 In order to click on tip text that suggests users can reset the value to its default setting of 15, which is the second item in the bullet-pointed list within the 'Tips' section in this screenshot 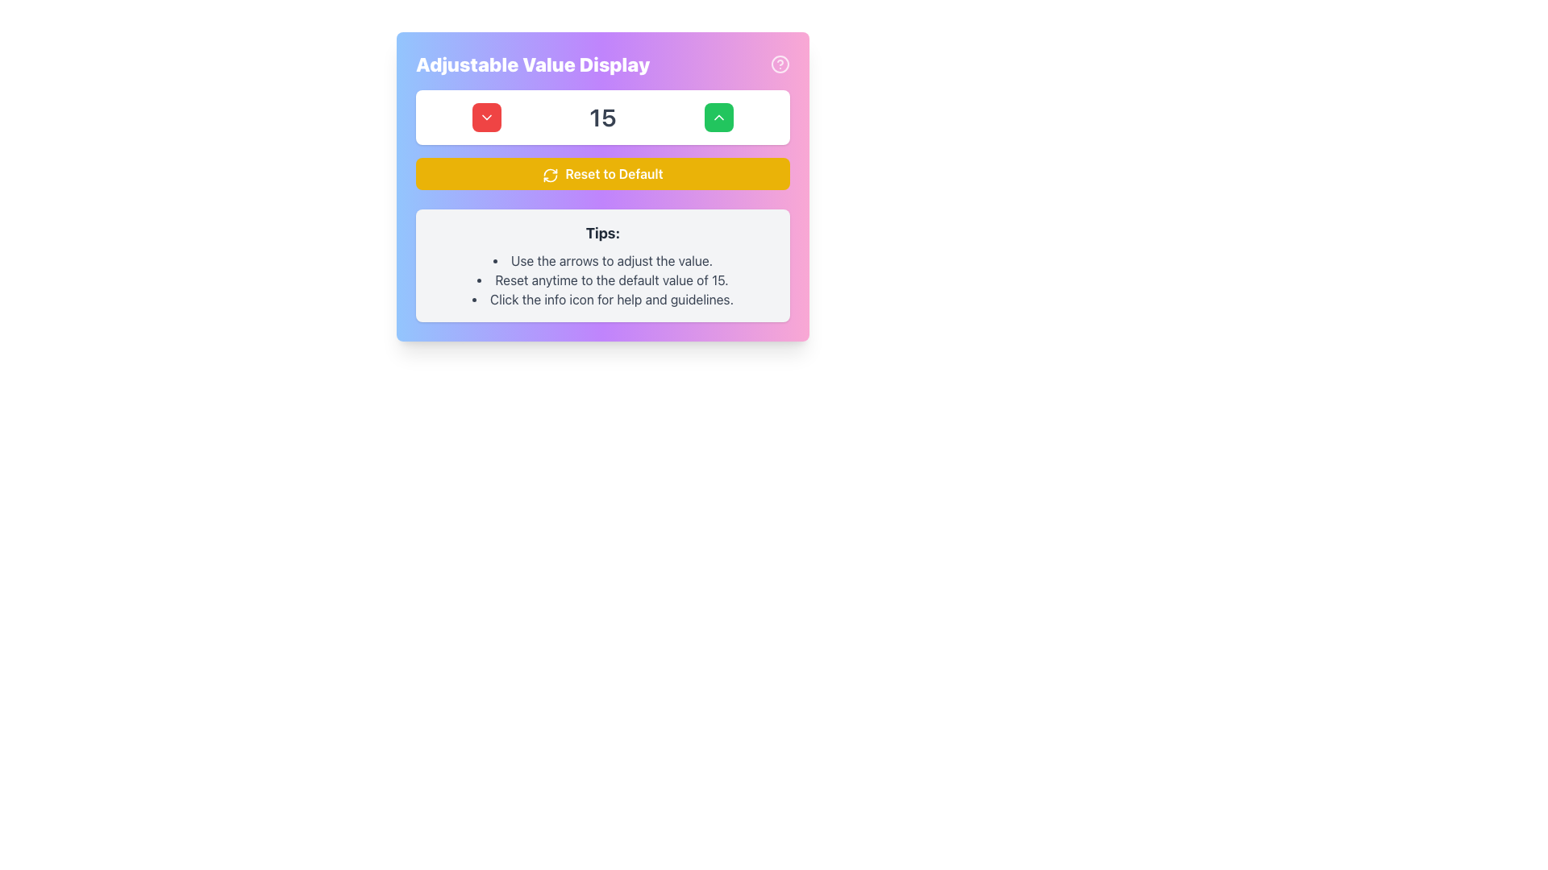, I will do `click(602, 279)`.